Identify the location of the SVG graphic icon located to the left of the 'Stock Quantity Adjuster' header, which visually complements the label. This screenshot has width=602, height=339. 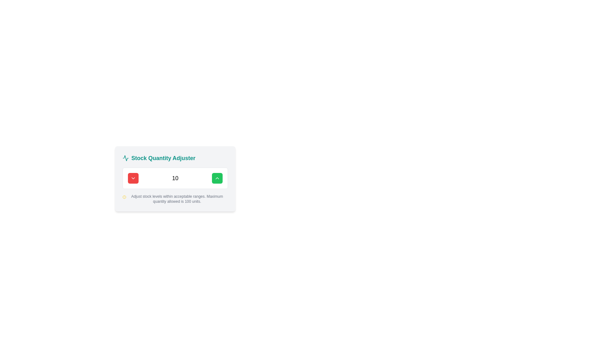
(125, 157).